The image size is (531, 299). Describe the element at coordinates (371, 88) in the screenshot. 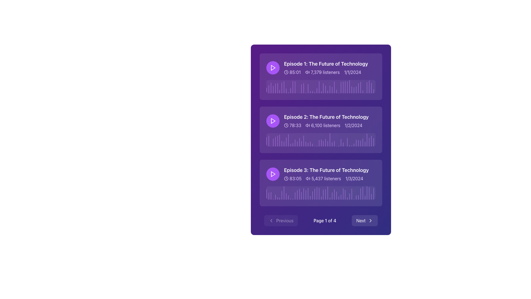

I see `the 49th vertical Progress Indicator bar in the waveform to jump to a specific point` at that location.